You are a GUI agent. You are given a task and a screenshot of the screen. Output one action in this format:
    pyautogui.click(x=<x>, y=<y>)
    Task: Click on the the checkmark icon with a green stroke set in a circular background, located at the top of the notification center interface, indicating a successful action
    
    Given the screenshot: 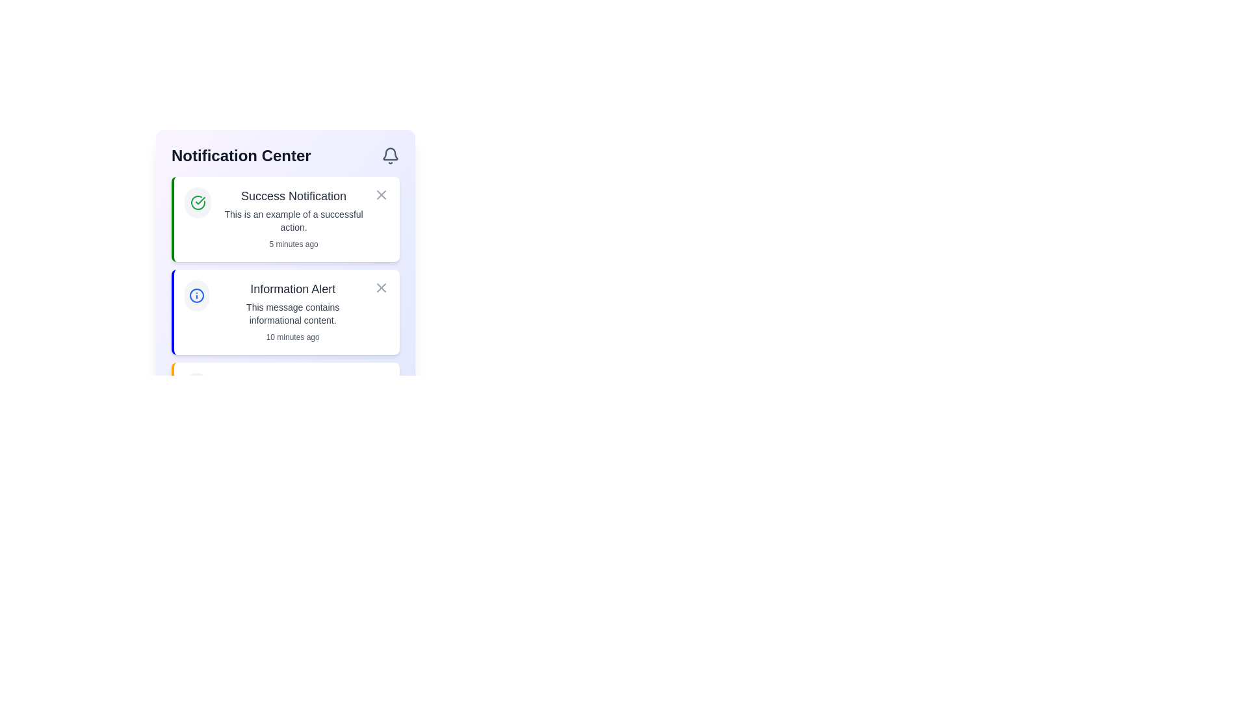 What is the action you would take?
    pyautogui.click(x=200, y=200)
    